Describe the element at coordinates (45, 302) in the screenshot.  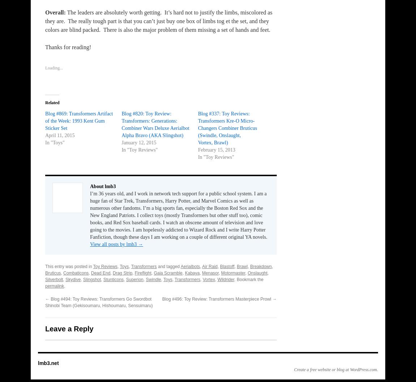
I see `'Blog #494: Toy Reviews: Transformers Go Swordbot Shinobi Team (Gekisoumaru, Hishoumaru, Sensuimaru)'` at that location.